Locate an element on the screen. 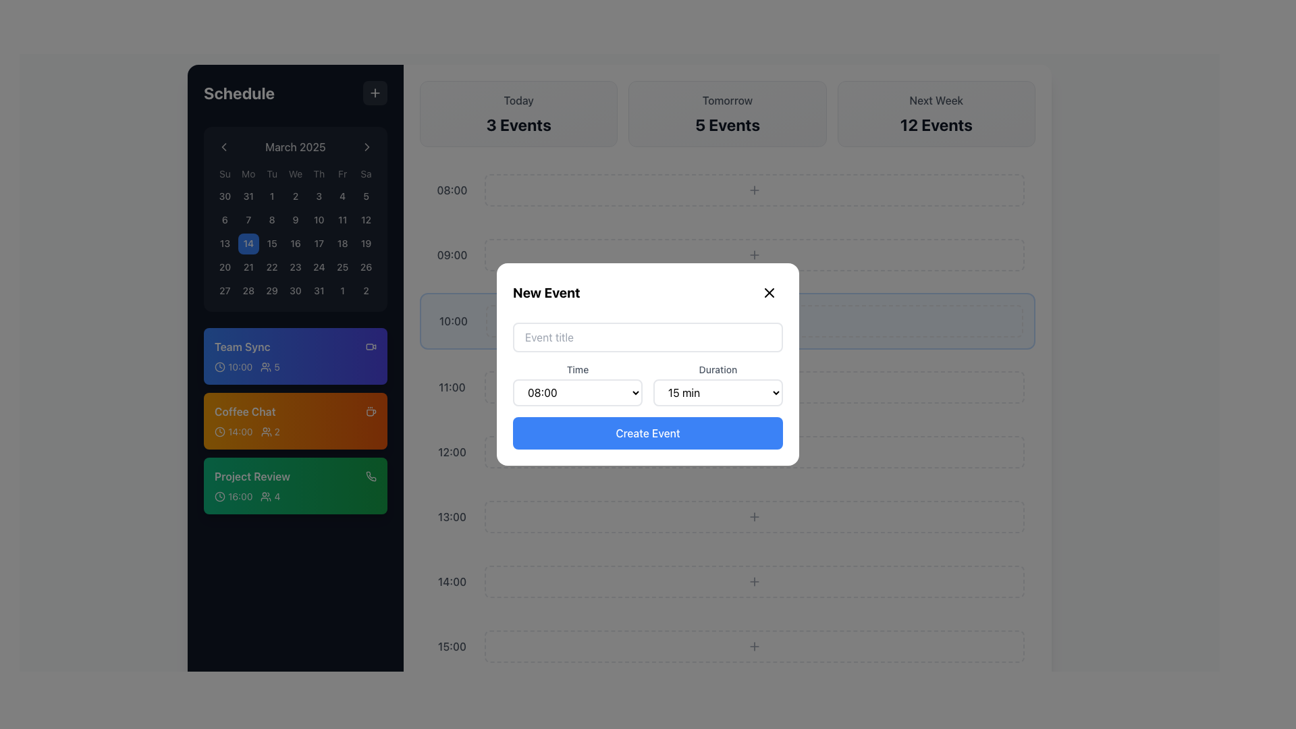 The image size is (1296, 729). the chevron icon in the top-right corner of the calendar header is located at coordinates (367, 147).